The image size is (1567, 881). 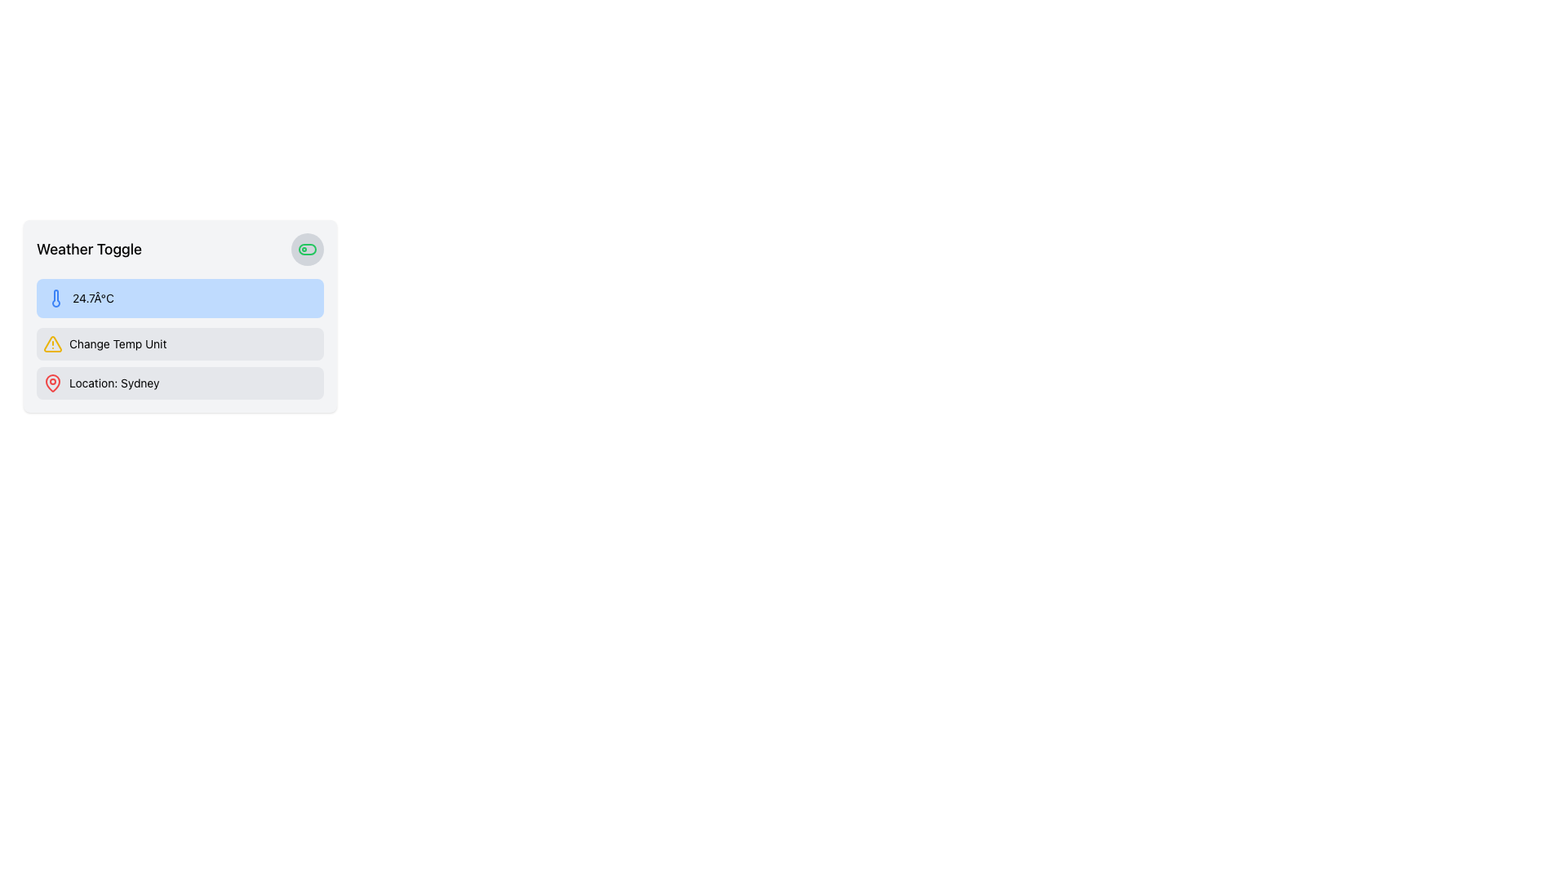 What do you see at coordinates (308, 249) in the screenshot?
I see `the green oval-shaped toggle switch next to the 'Weather Toggle' section` at bounding box center [308, 249].